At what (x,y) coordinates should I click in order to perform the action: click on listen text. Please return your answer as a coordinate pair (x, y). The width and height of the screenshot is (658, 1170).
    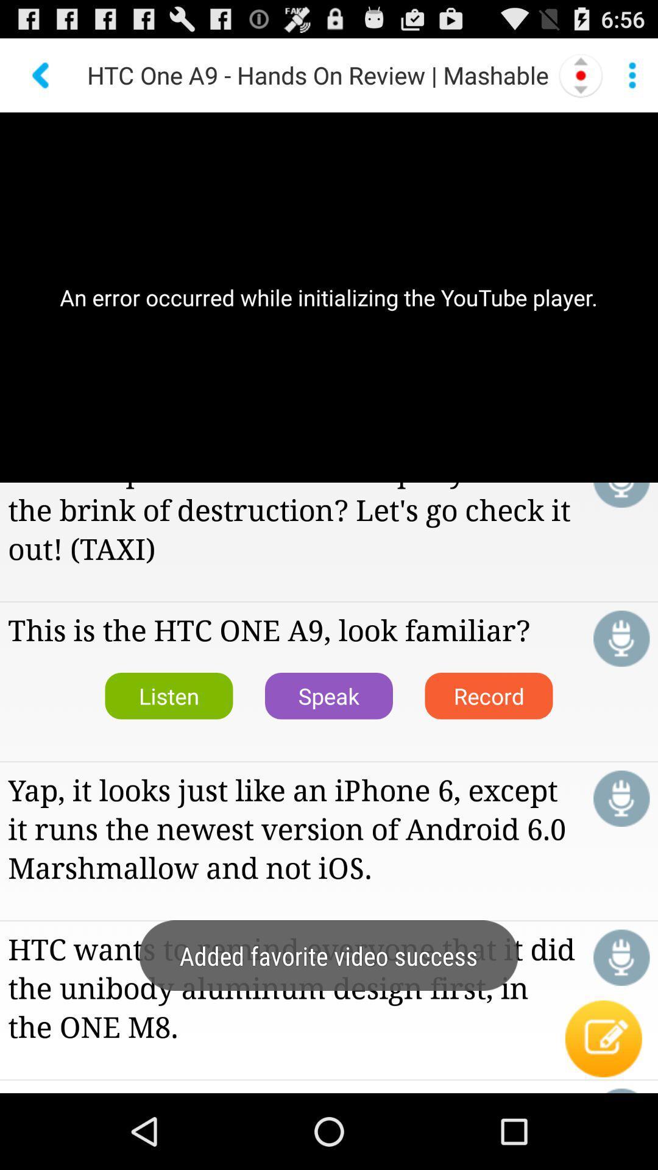
    Looking at the image, I should click on (621, 495).